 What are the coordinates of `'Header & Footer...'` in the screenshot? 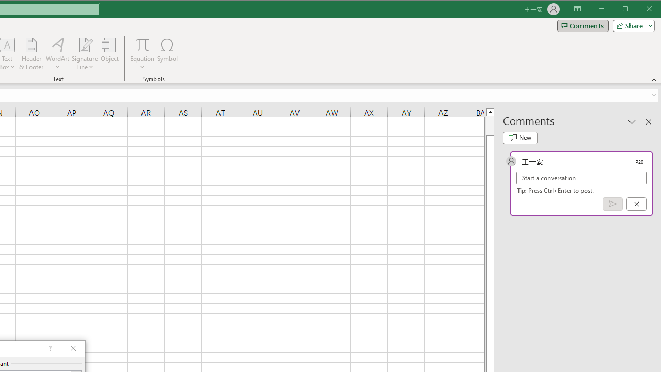 It's located at (31, 54).